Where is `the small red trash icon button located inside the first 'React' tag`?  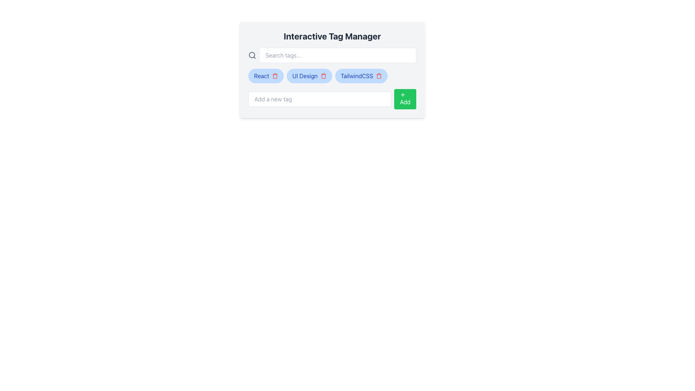
the small red trash icon button located inside the first 'React' tag is located at coordinates (274, 76).